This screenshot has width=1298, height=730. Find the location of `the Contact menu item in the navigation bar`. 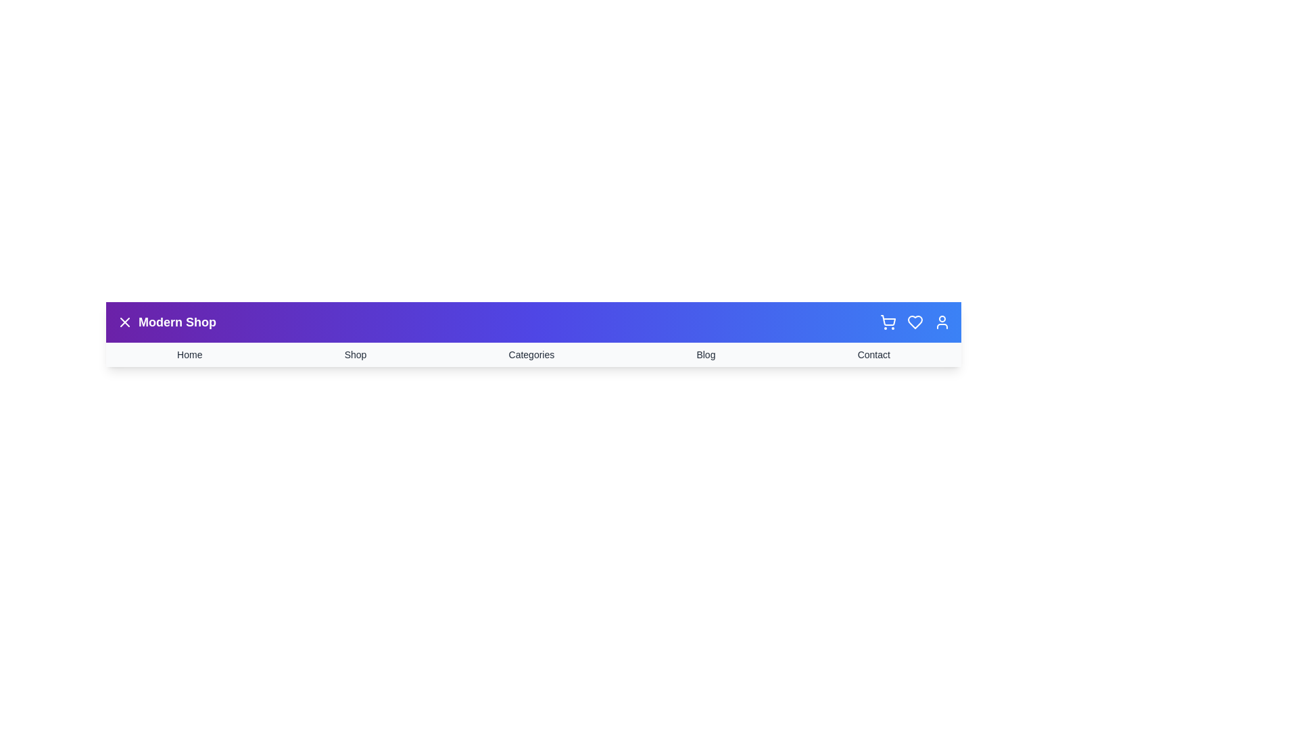

the Contact menu item in the navigation bar is located at coordinates (873, 354).